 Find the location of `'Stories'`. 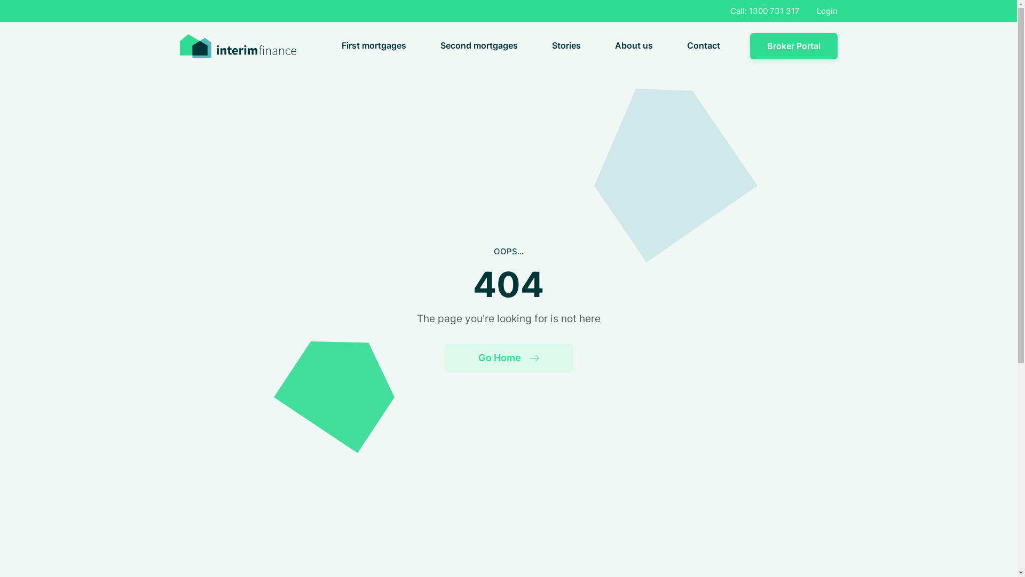

'Stories' is located at coordinates (565, 45).